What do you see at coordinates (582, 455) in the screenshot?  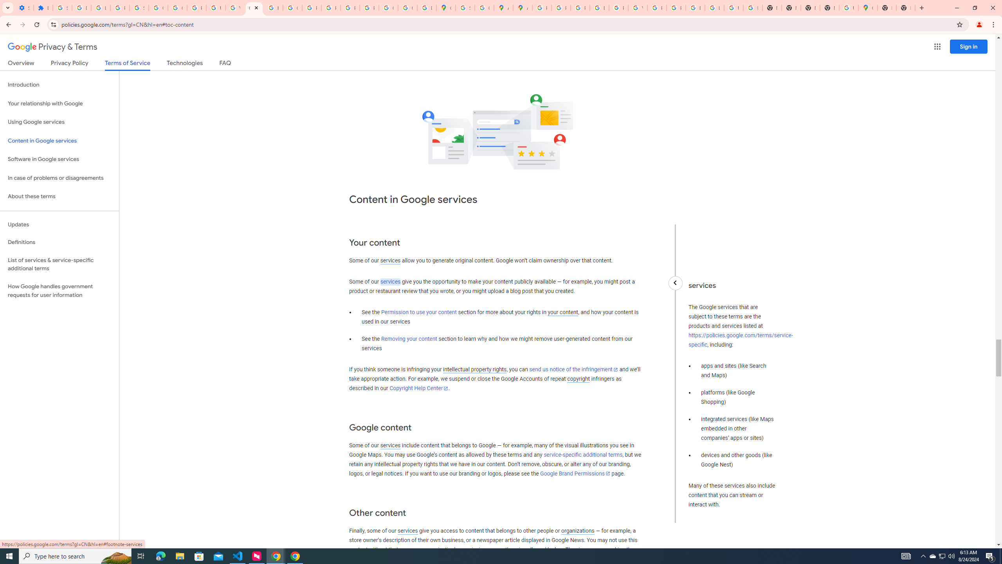 I see `'service-specific additional terms'` at bounding box center [582, 455].